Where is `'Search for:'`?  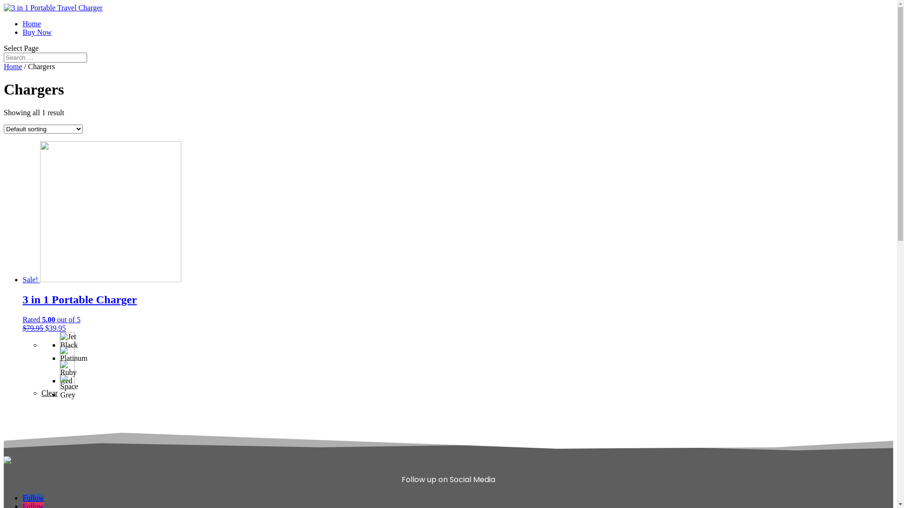 'Search for:' is located at coordinates (45, 57).